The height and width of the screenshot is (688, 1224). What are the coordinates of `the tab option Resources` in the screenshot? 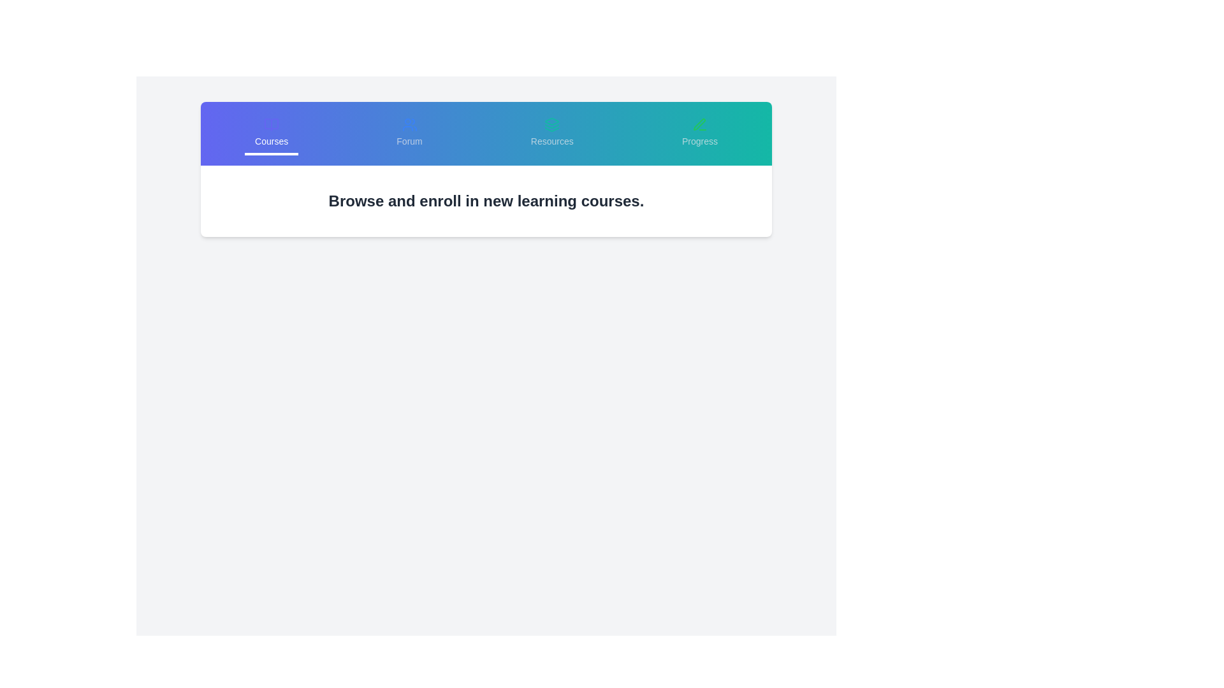 It's located at (552, 133).